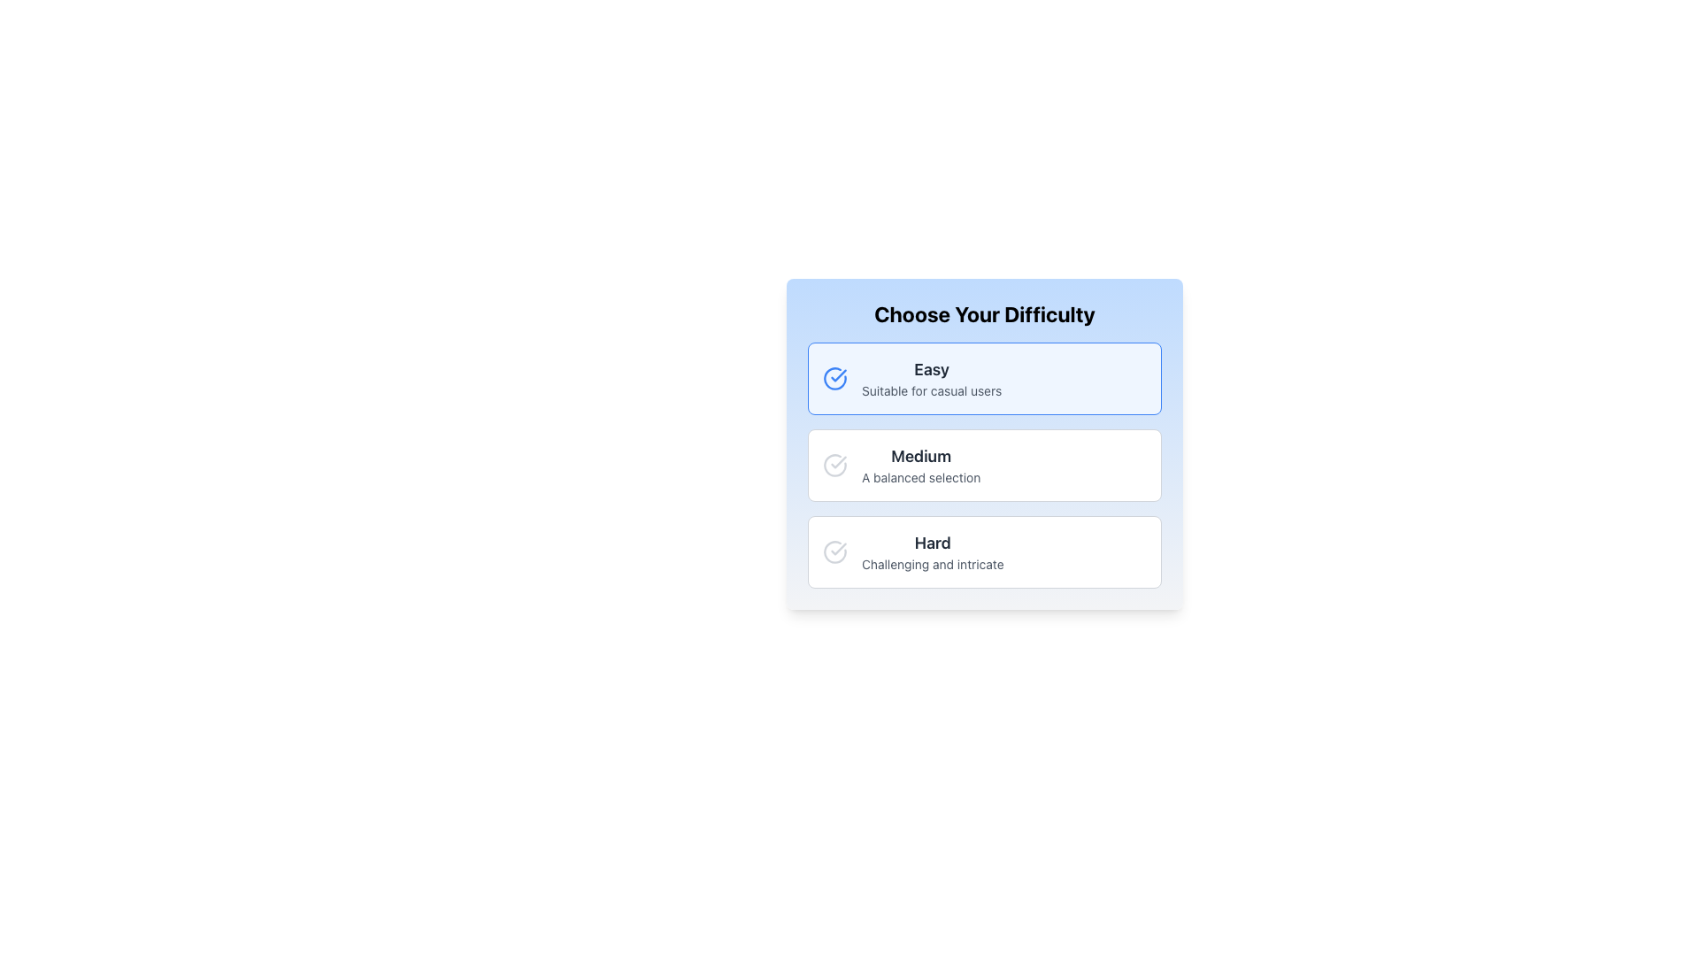  I want to click on the 'Easy' level Card component, which is the first option in a vertically stacked set of three cards in the selection interface, so click(984, 378).